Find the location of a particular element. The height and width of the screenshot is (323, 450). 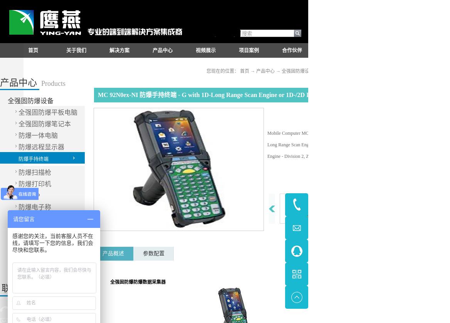

'Mobile Computer MC 92N0ex-NI - G with 1D-' is located at coordinates (267, 133).